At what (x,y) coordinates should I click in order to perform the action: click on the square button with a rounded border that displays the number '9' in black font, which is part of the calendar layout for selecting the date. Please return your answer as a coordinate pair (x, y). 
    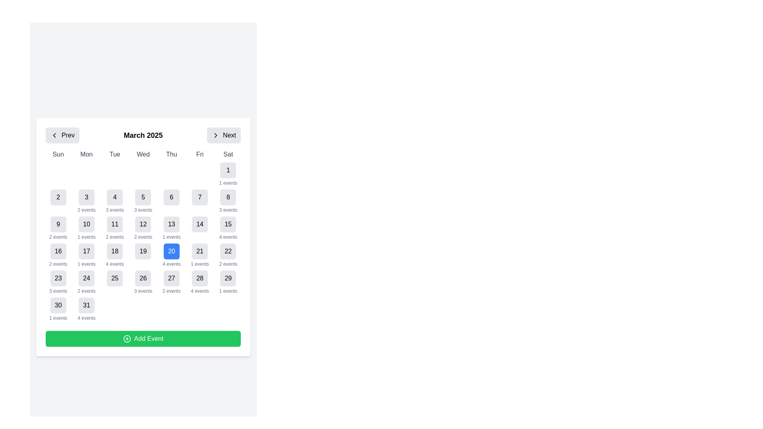
    Looking at the image, I should click on (58, 224).